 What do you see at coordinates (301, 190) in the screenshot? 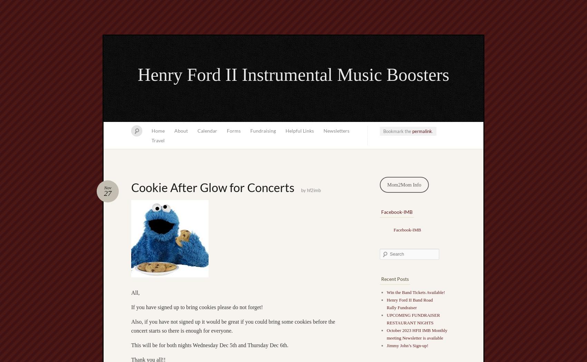
I see `'by'` at bounding box center [301, 190].